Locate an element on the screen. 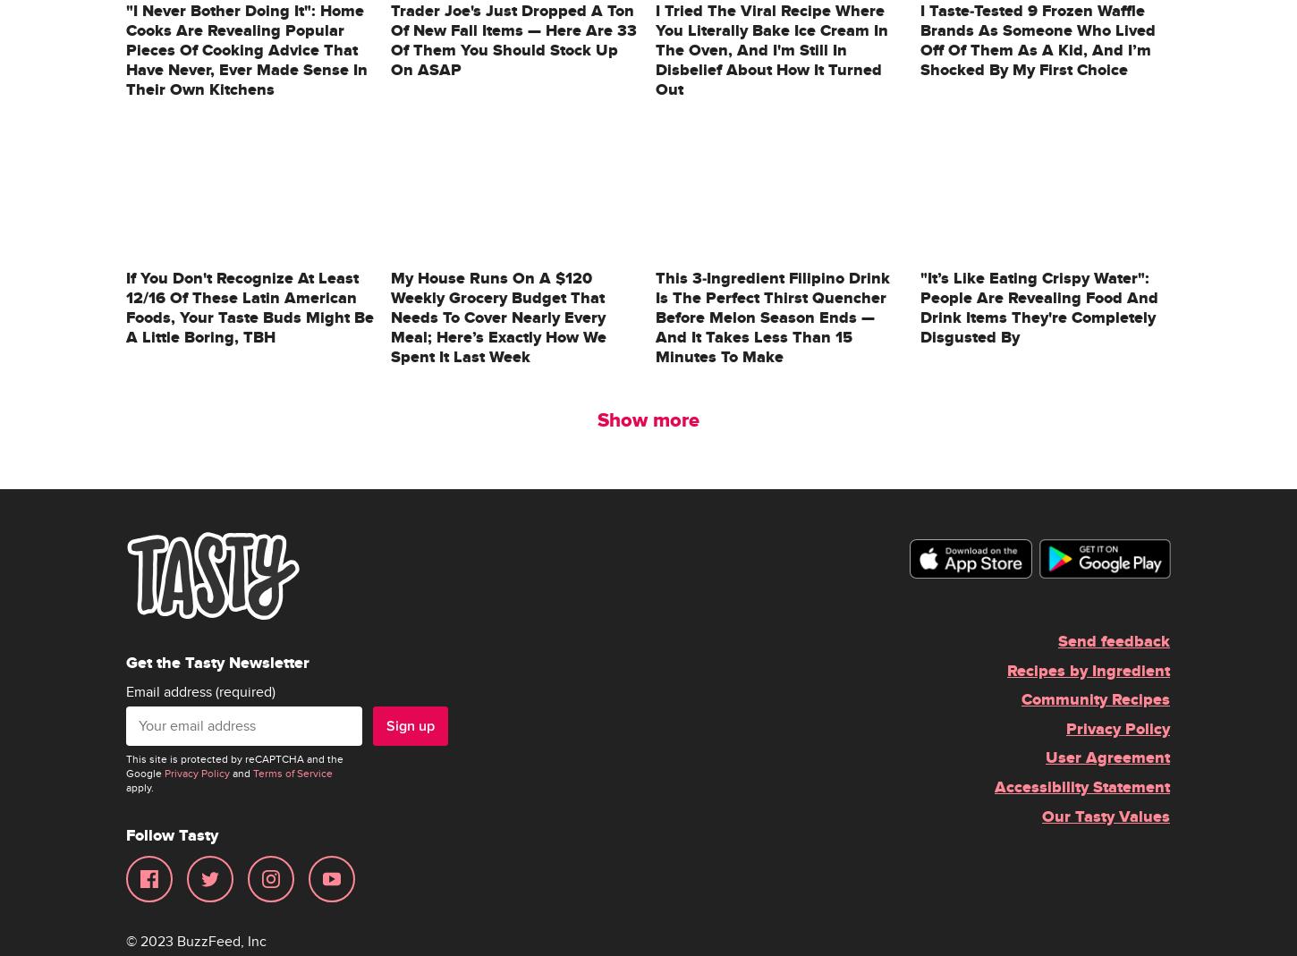 This screenshot has width=1297, height=956. 'User Agreement' is located at coordinates (1107, 758).